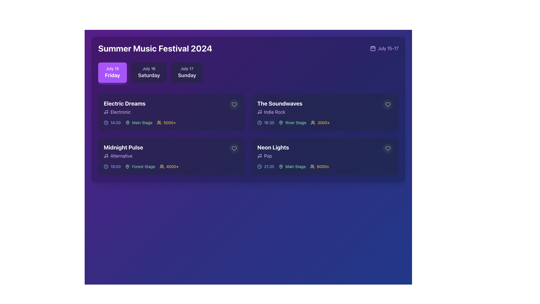 The height and width of the screenshot is (304, 540). What do you see at coordinates (259, 112) in the screenshot?
I see `the Indie Rock icon that represents the genre within 'The Soundwaves' card, located in the upper right quadrant of the interface` at bounding box center [259, 112].